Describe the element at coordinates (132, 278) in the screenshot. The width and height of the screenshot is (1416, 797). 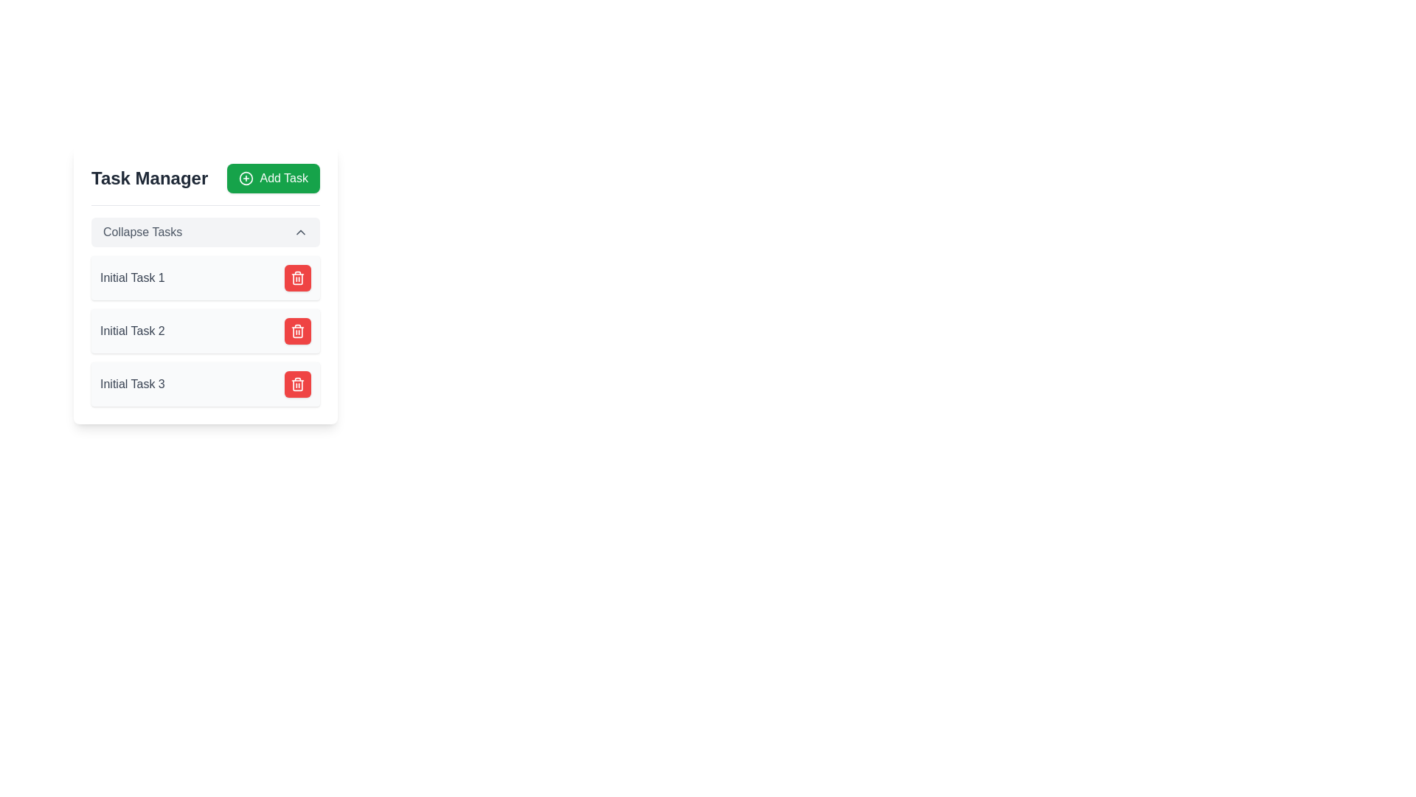
I see `the text label that reads 'Initial Task 1', which is styled with medium-sized gray font and is located in the first row of tasks under the 'Task Manager' heading, aligned to the left of a delete icon button` at that location.